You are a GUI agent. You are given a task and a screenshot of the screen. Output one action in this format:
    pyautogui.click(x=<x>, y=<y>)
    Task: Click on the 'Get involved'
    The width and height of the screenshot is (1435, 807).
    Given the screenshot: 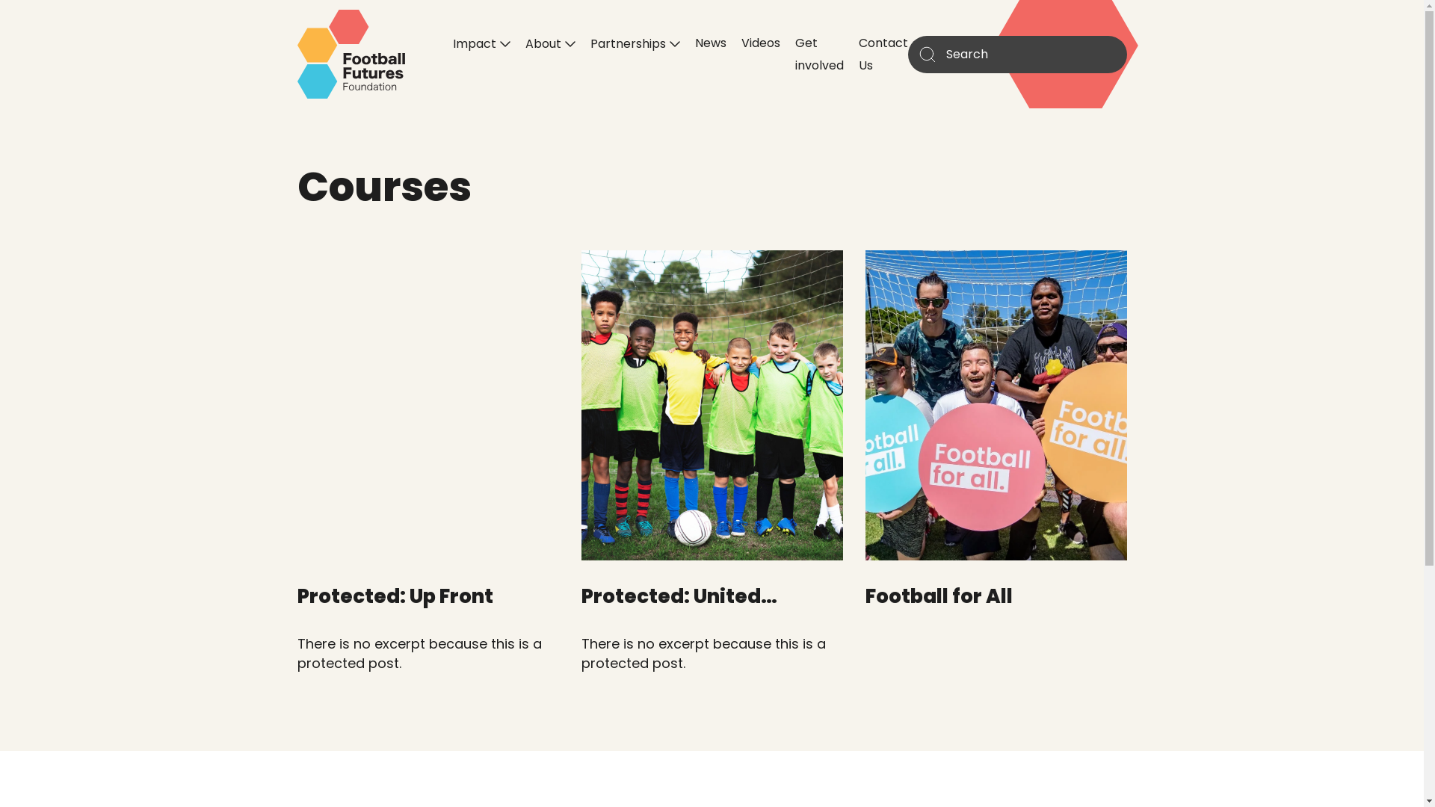 What is the action you would take?
    pyautogui.click(x=794, y=53)
    